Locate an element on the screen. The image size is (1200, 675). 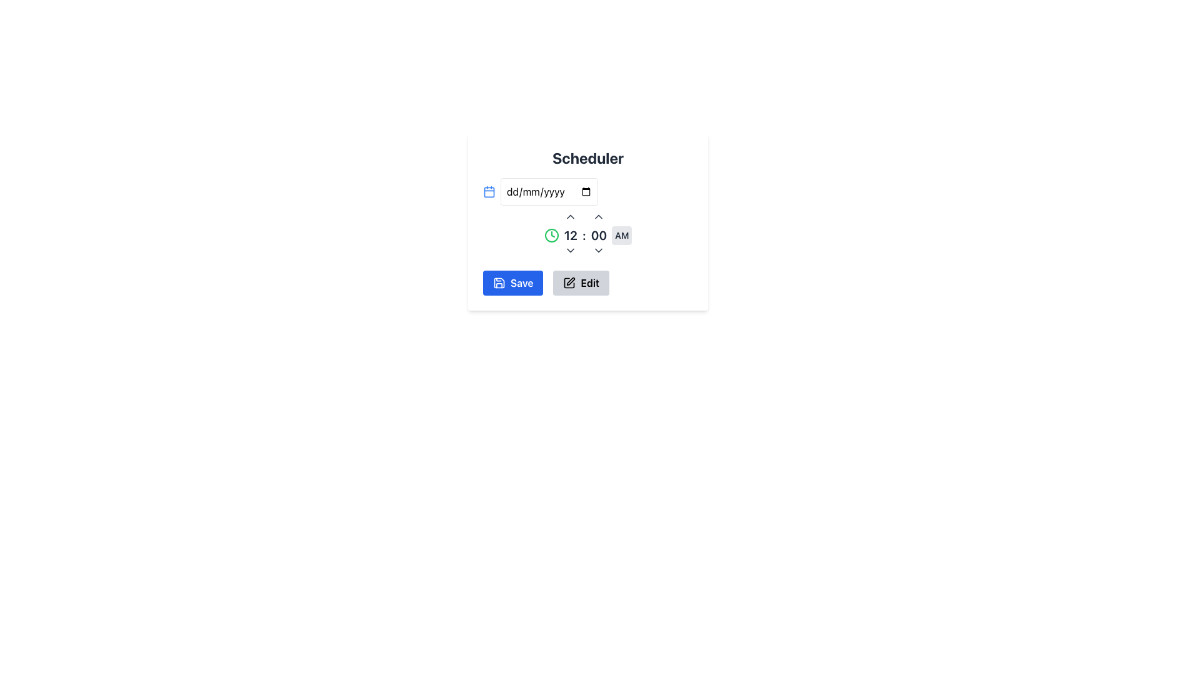
the upward-pointing button that increments the time value displayed below it, located above the numeric display '00' is located at coordinates (598, 216).